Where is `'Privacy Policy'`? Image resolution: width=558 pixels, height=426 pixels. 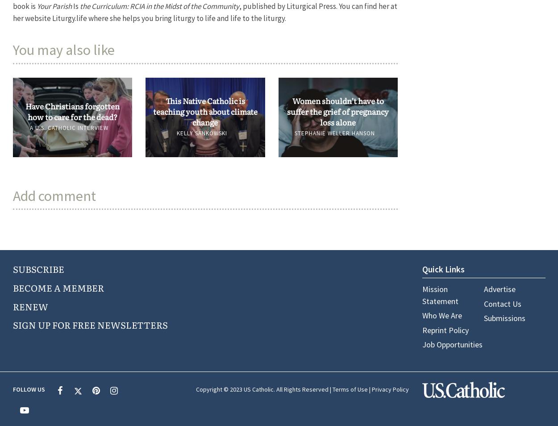
'Privacy Policy' is located at coordinates (389, 389).